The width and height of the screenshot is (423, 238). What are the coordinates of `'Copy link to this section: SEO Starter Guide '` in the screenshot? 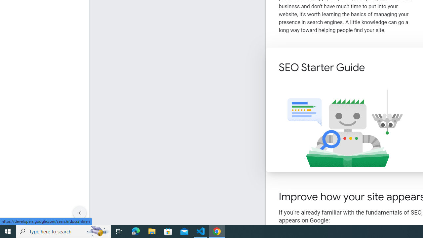 It's located at (374, 68).